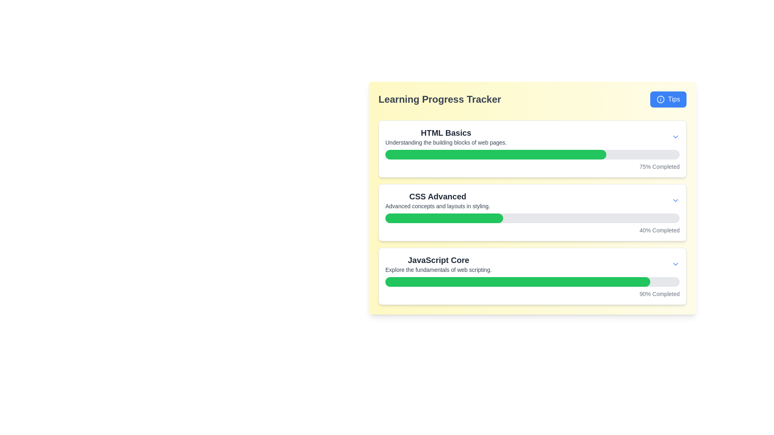  What do you see at coordinates (532, 218) in the screenshot?
I see `progress bar that visually represents the user's progress in the 'CSS Advanced' course, indicating 40% completion` at bounding box center [532, 218].